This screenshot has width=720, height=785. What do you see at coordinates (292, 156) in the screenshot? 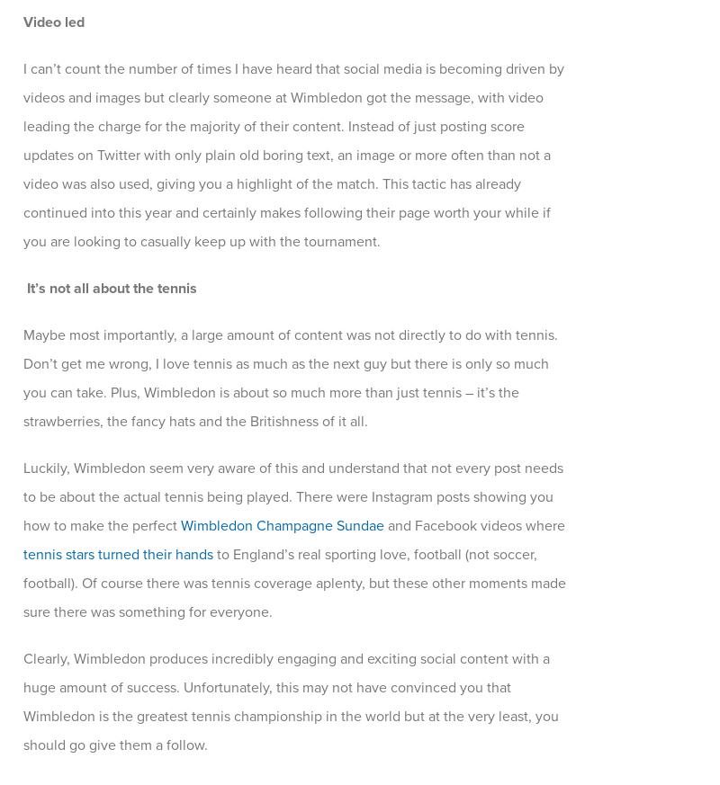
I see `'I can’t count the number of times I have heard that social media is becoming driven by videos and images but clearly someone at Wimbledon got the message, with video leading the charge for the majority of their content. Instead of just posting score updates on Twitter with only plain old boring text, an image or more often than not a video was also used, giving you a highlight of the match. This tactic has already continued into this year and certainly makes following their page worth your while if you are looking to casually keep up with the tournament.'` at bounding box center [292, 156].